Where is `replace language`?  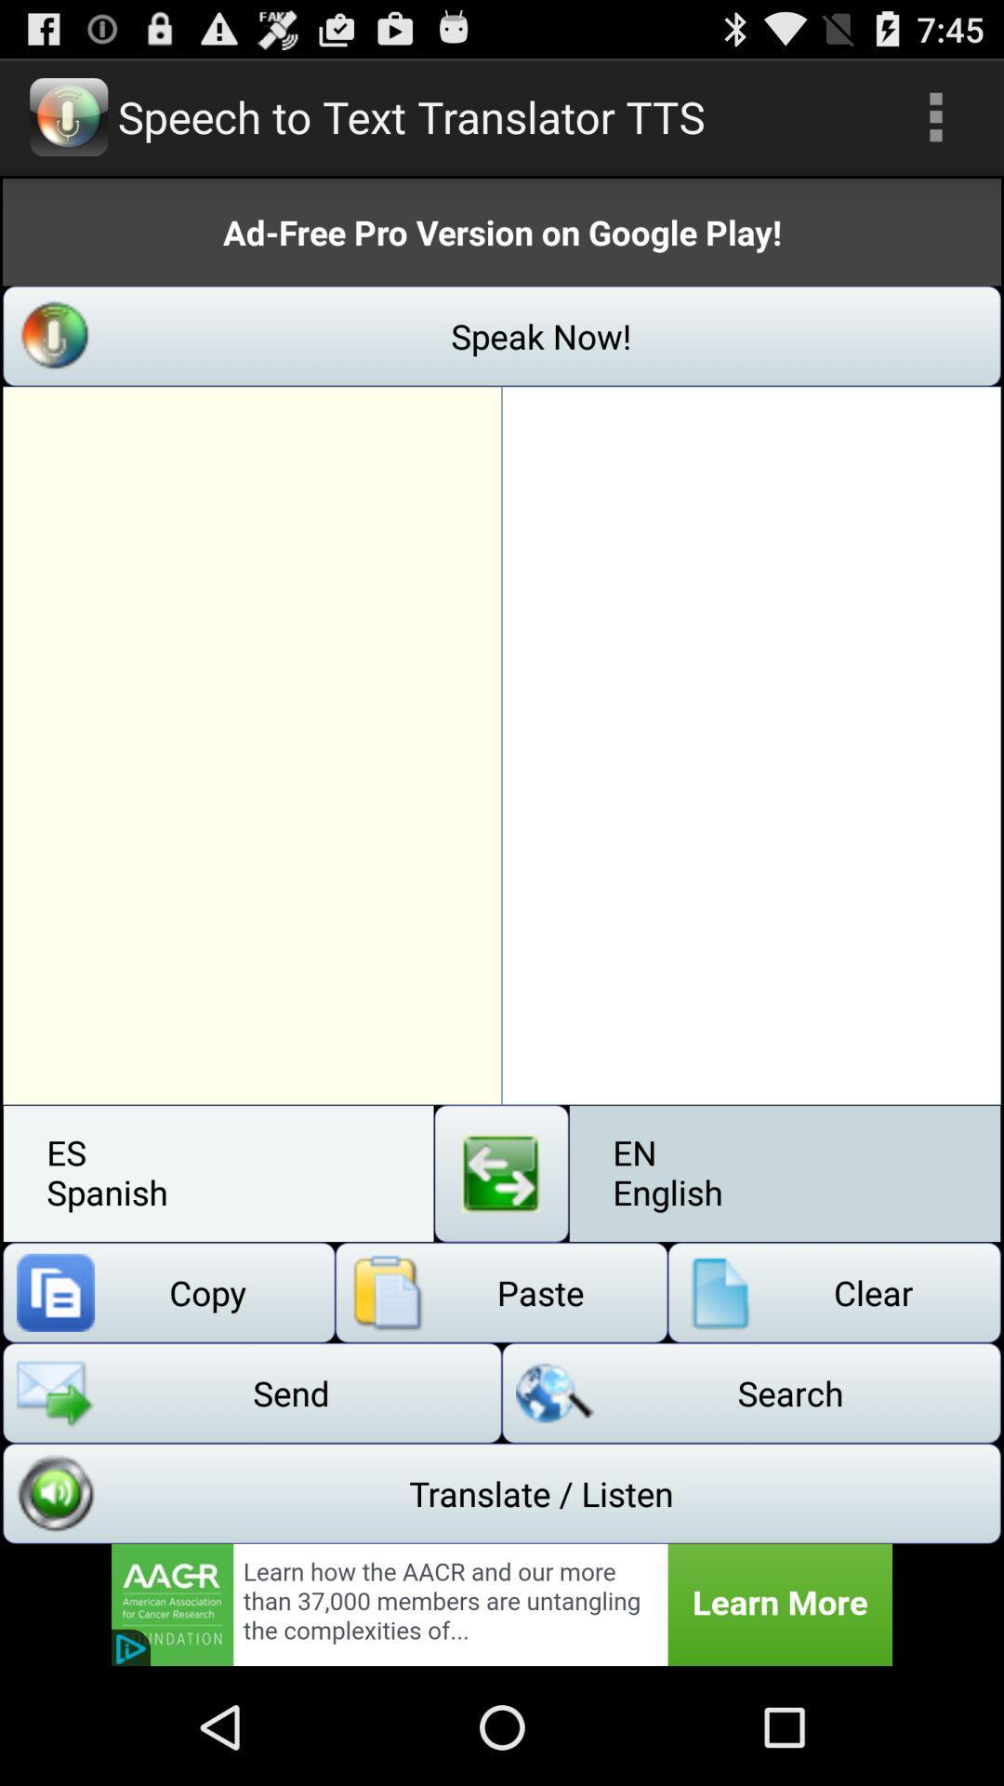 replace language is located at coordinates (500, 1172).